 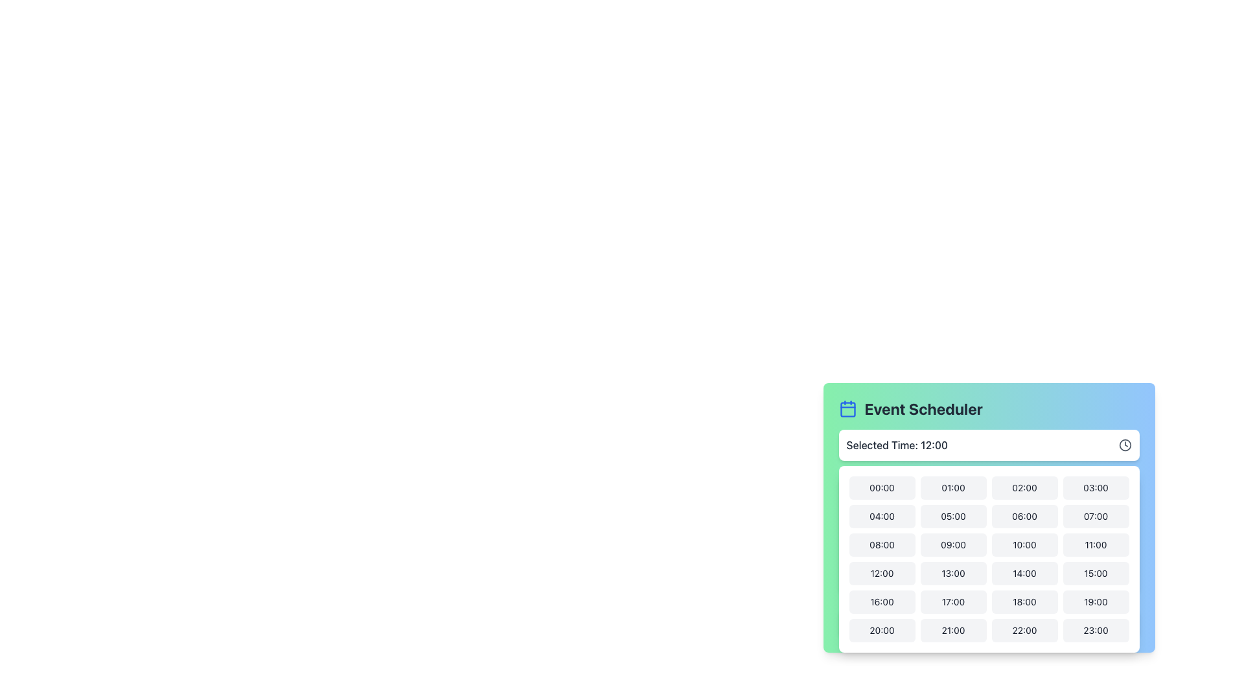 What do you see at coordinates (1024, 629) in the screenshot?
I see `the button located in the last row and third column of the grid` at bounding box center [1024, 629].